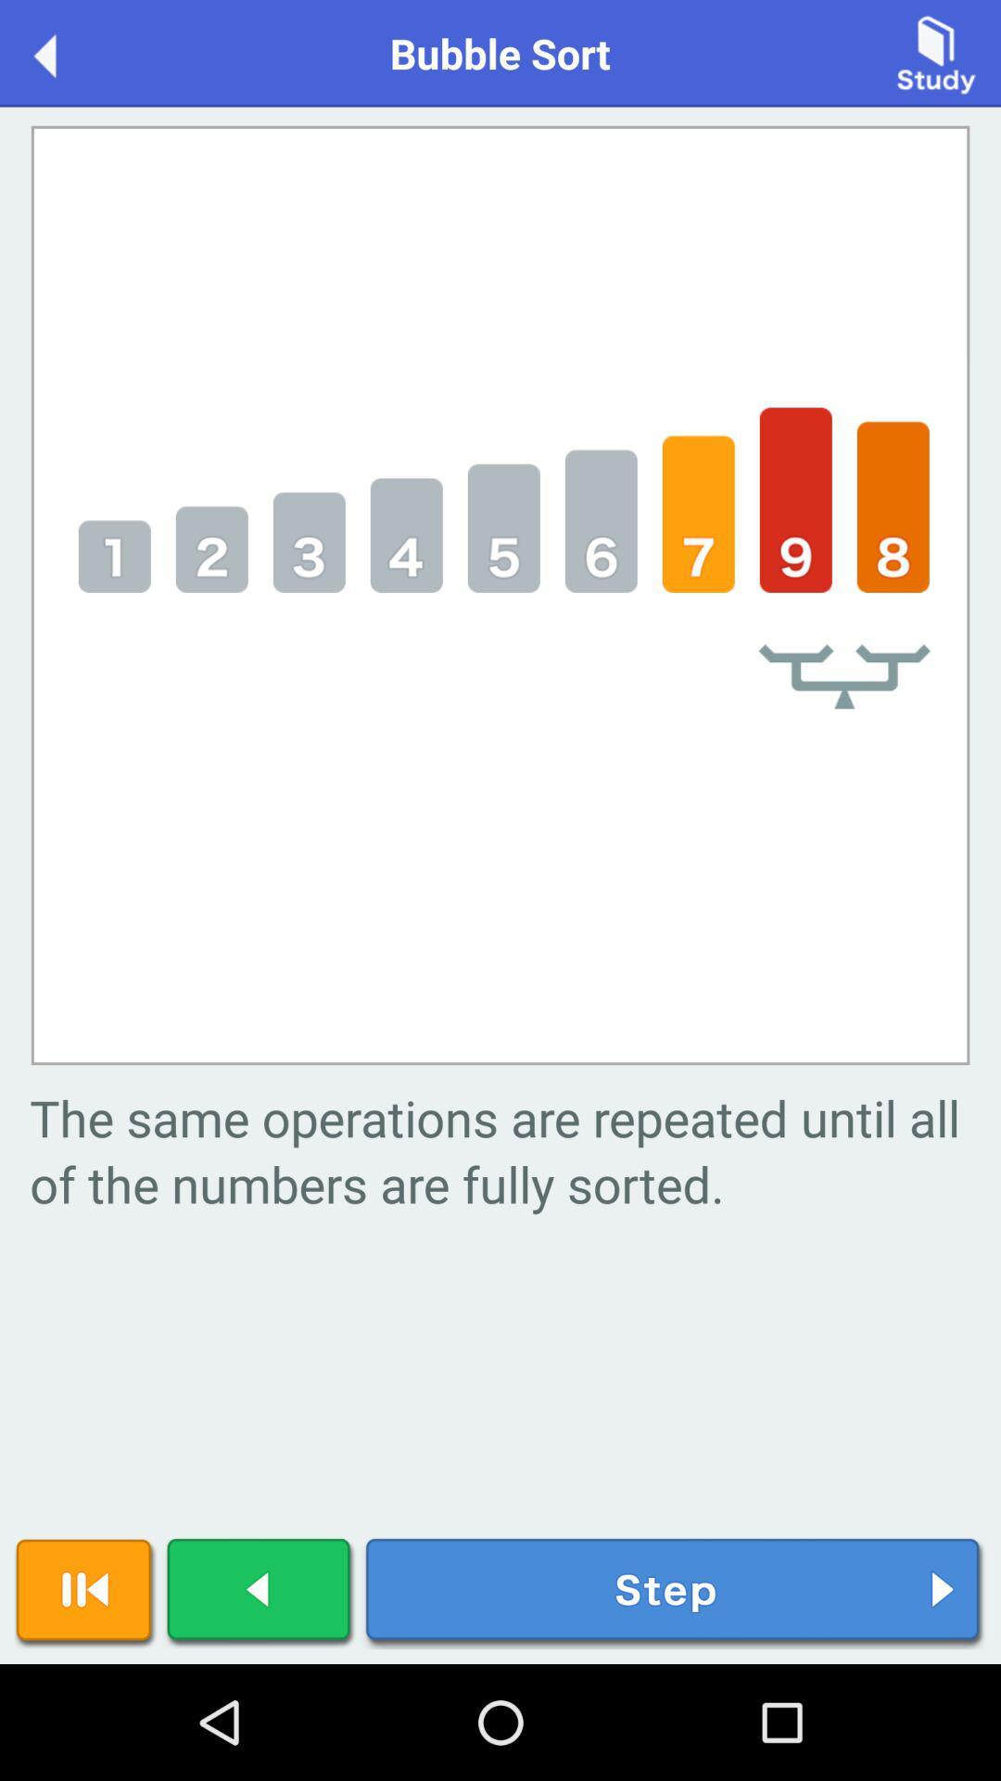 The width and height of the screenshot is (1001, 1781). Describe the element at coordinates (936, 52) in the screenshot. I see `study` at that location.